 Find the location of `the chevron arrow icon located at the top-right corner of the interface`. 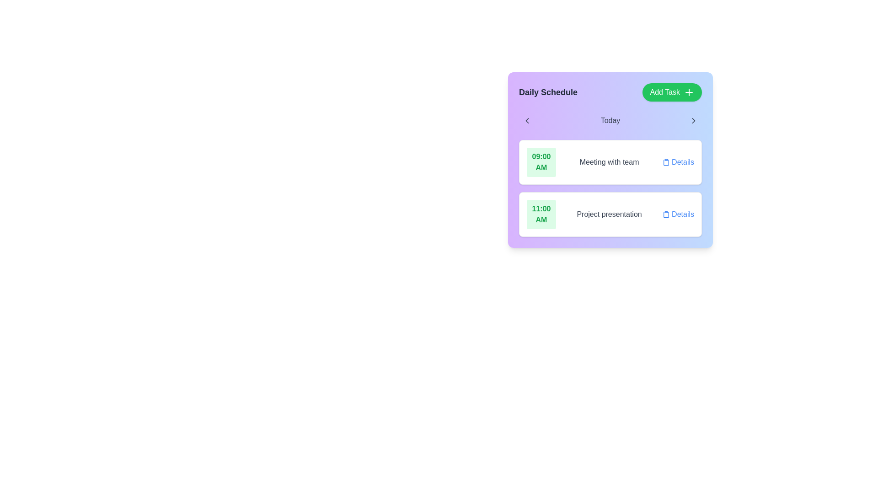

the chevron arrow icon located at the top-right corner of the interface is located at coordinates (693, 120).